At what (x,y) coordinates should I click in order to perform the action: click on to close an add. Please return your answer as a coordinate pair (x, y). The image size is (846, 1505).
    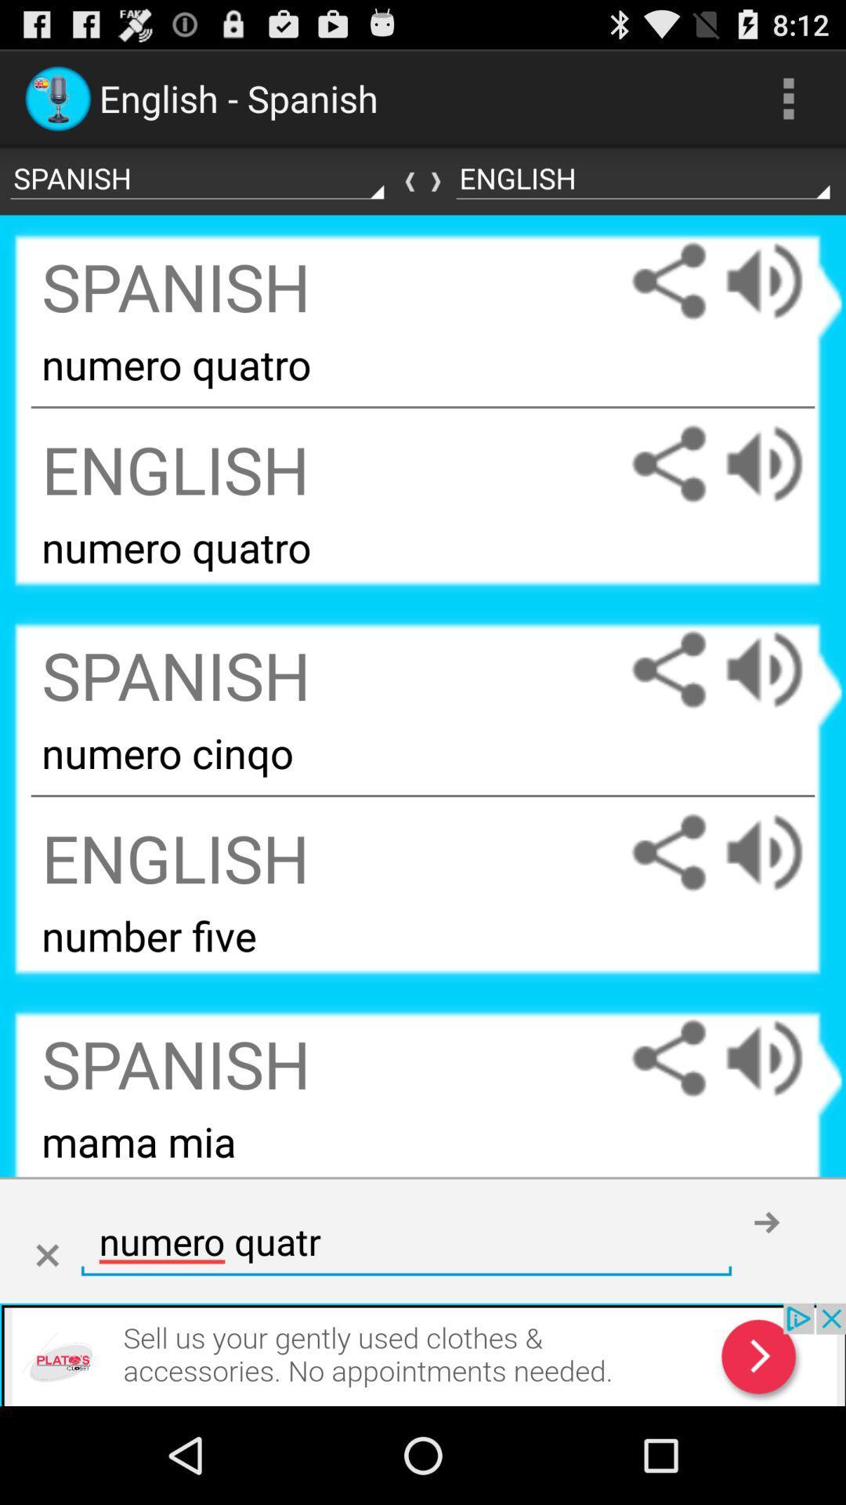
    Looking at the image, I should click on (46, 1256).